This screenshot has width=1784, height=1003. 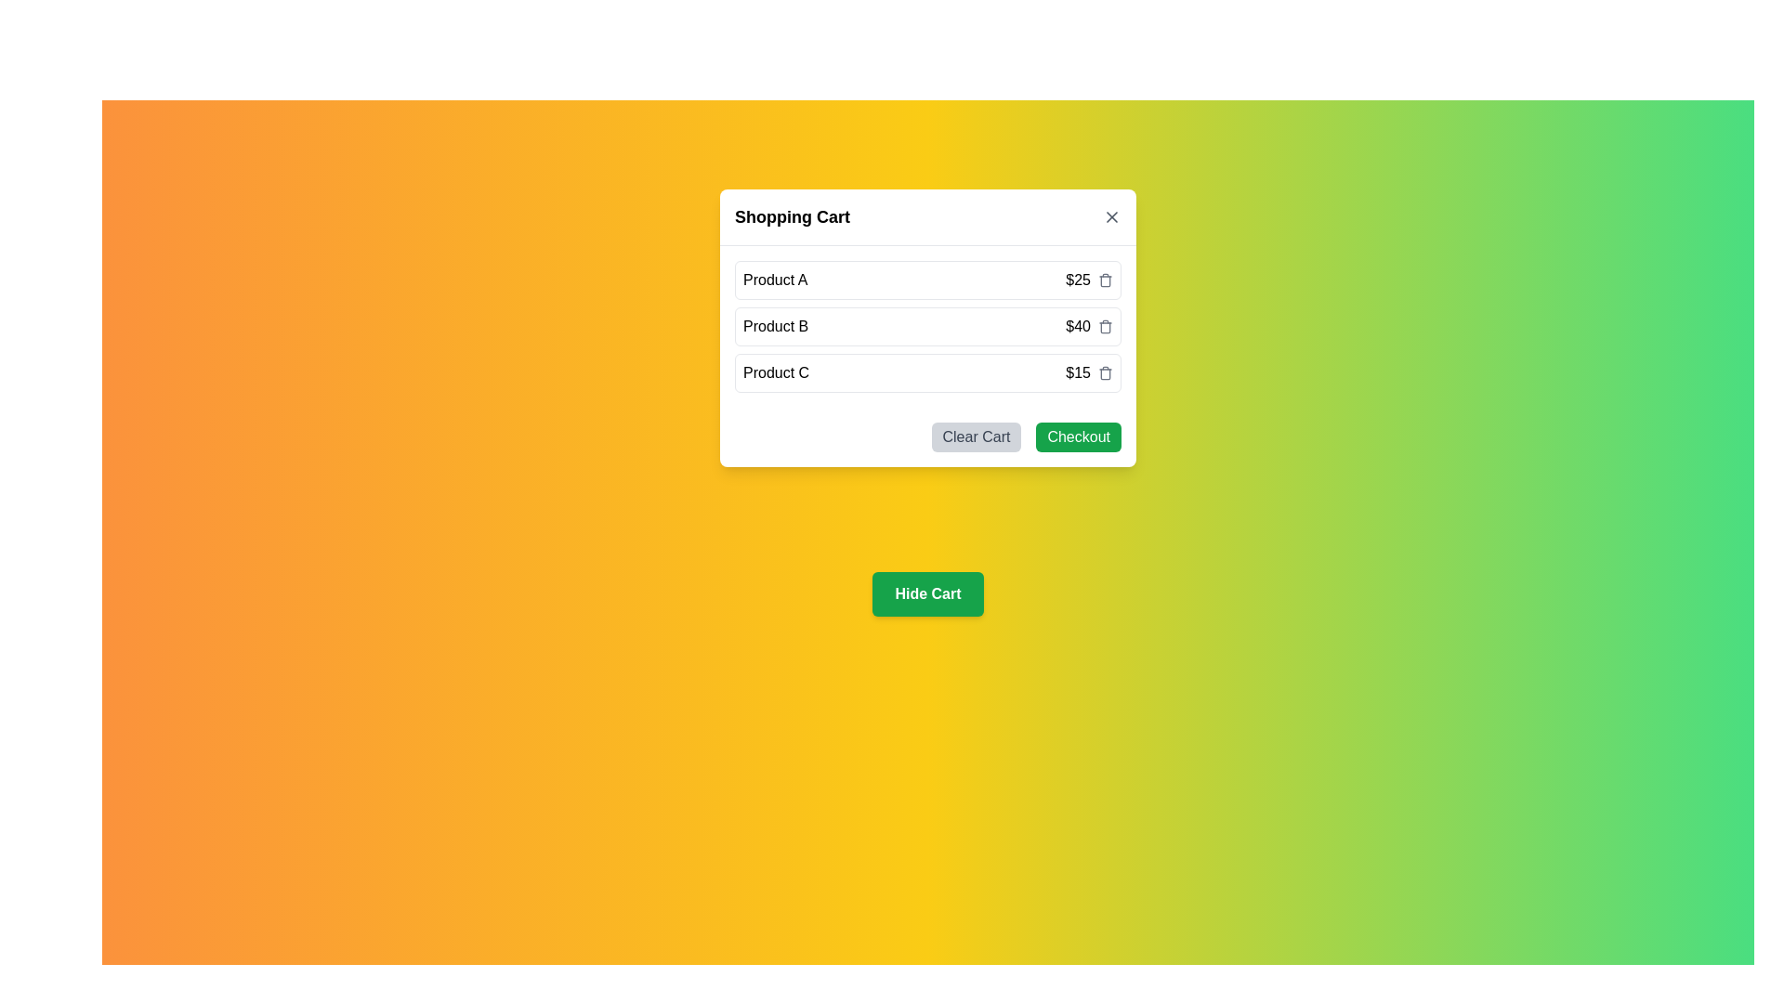 I want to click on the delete button icon located to the right of the price '$25' for 'Product A' in the shopping cart list to change its color to red, so click(x=1106, y=281).